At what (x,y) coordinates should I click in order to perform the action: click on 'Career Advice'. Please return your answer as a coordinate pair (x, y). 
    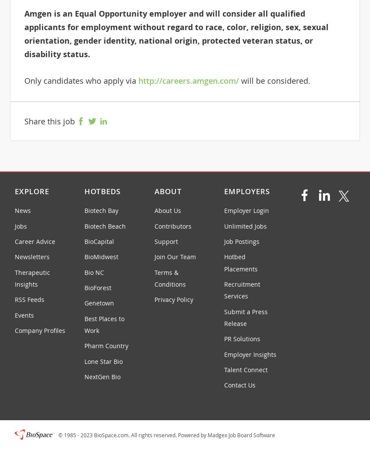
    Looking at the image, I should click on (35, 241).